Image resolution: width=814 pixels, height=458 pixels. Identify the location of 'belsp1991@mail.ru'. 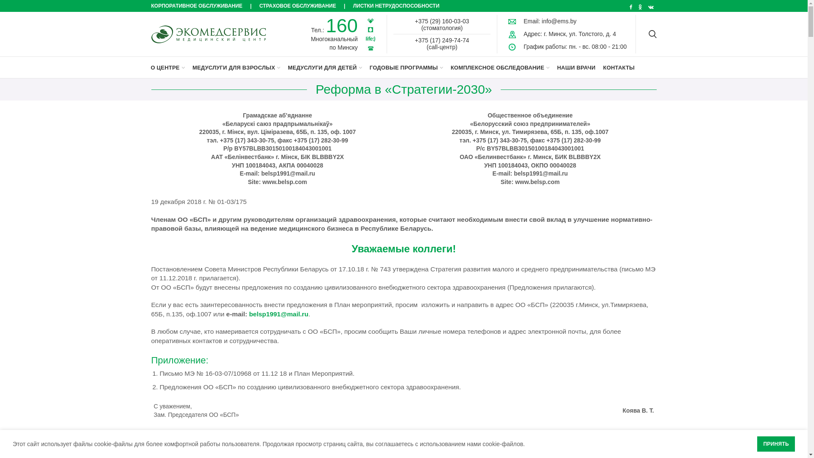
(279, 314).